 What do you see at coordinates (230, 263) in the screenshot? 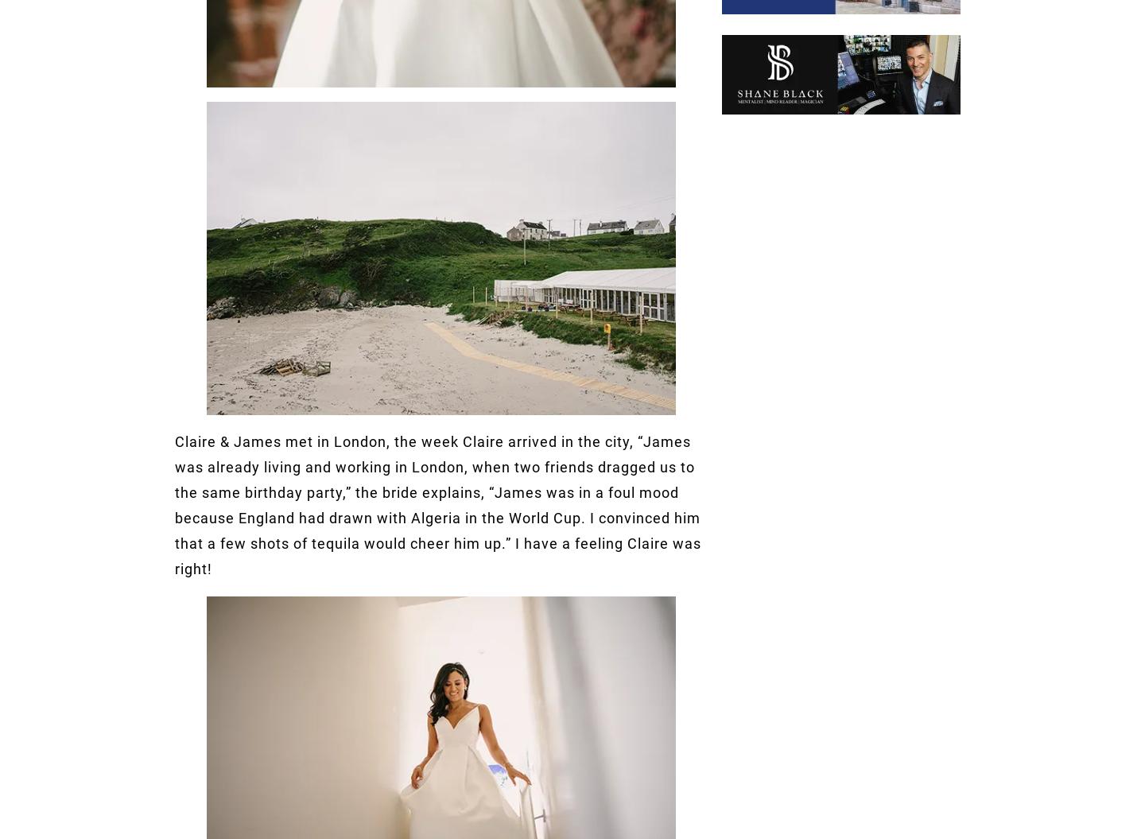
I see `'facebook fans'` at bounding box center [230, 263].